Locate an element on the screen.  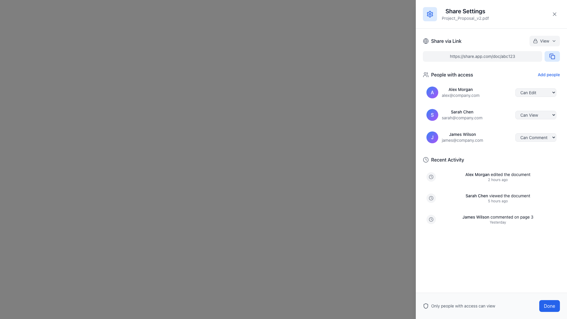
the static text group displaying the log entry for the recent action taken by Alex Morgan, located in the Recent Activity section is located at coordinates (497, 176).